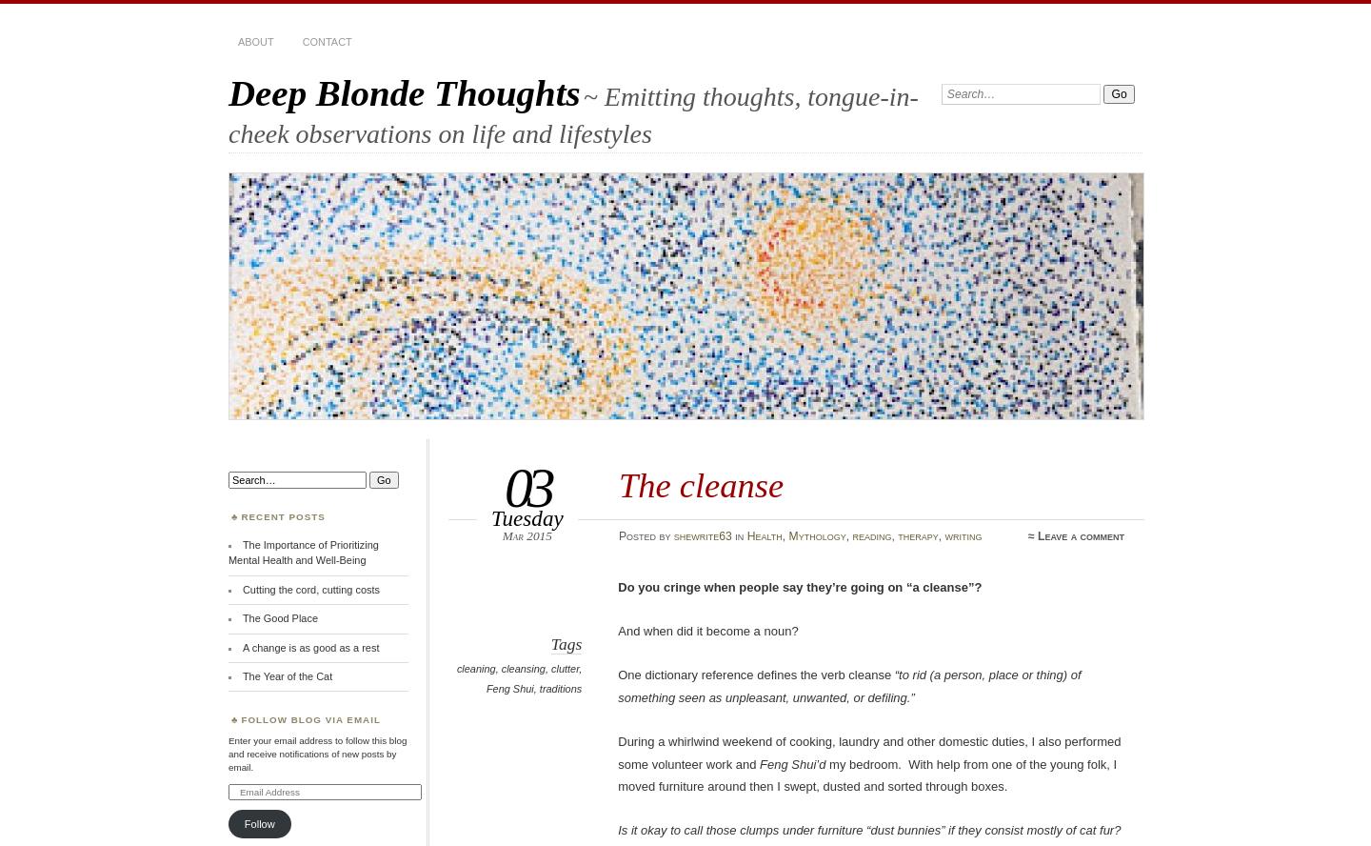 The height and width of the screenshot is (846, 1371). I want to click on 'Feng Shui', so click(507, 688).